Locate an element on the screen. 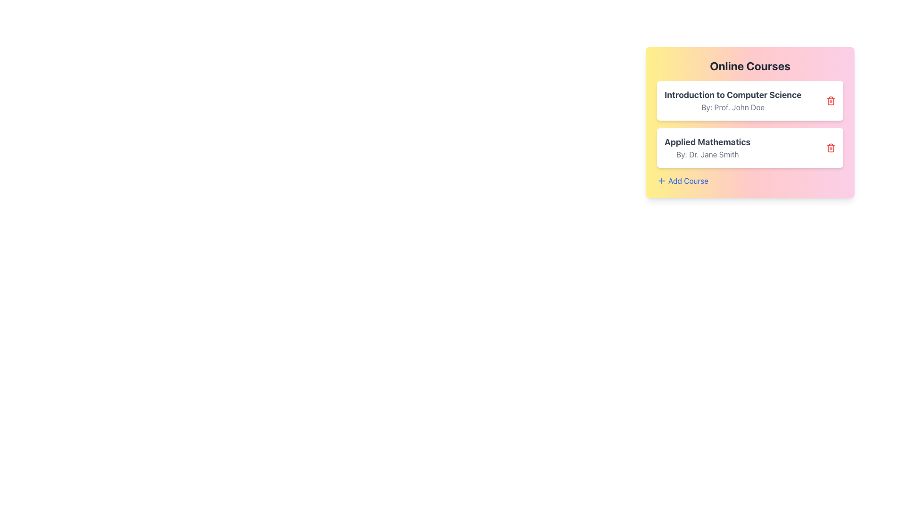 Image resolution: width=905 pixels, height=509 pixels. the 'Applied Mathematics' text label, which is the second item in the 'Online Courses' section, located beneath 'Introduction to Computer Science' is located at coordinates (708, 148).